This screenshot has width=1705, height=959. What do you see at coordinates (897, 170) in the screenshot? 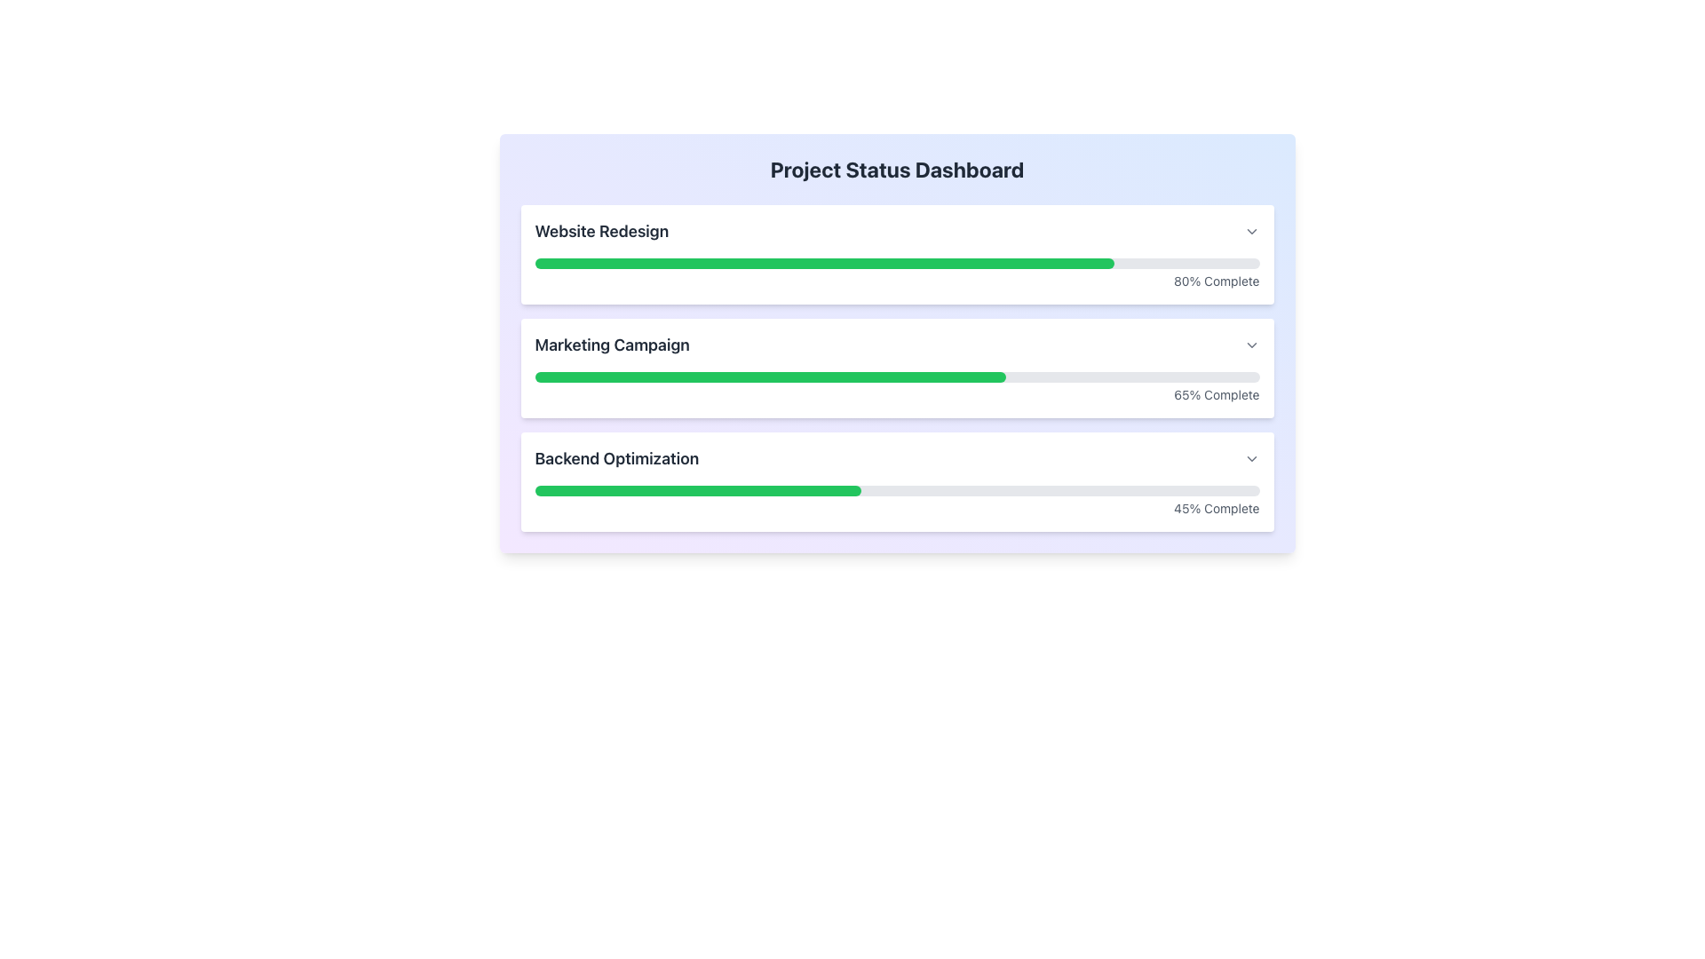
I see `the header title text label at the top center of the dashboard interface` at bounding box center [897, 170].